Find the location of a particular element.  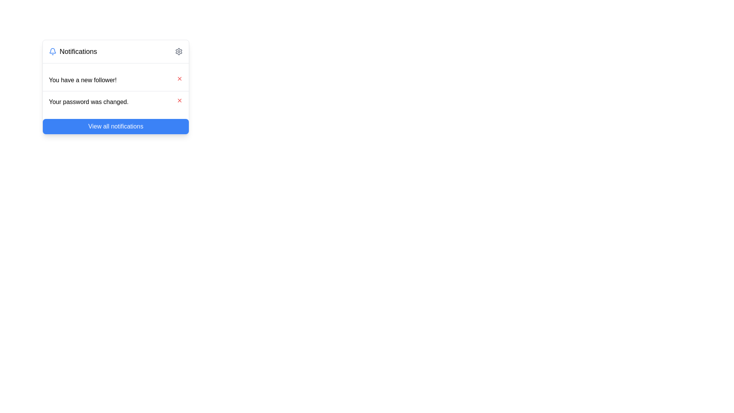

the settings button located on the rightmost side of the header section of the notifications panel, adjacent to the bell icon and the text 'Notifications' is located at coordinates (178, 52).